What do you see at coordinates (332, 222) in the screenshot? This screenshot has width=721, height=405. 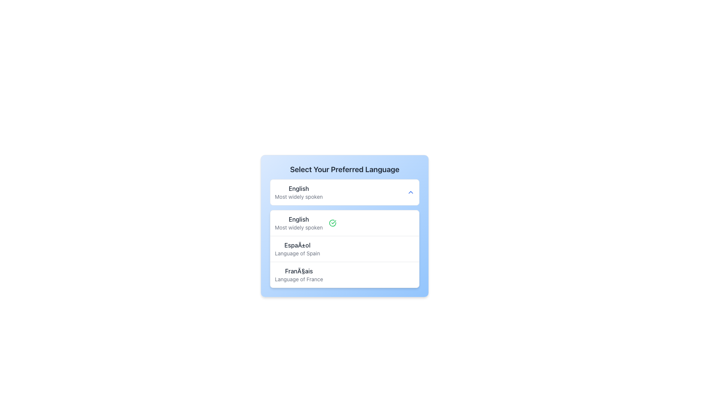 I see `the circular SVG icon containing a green checkmark, located to the right of the 'English' text in the language selection list` at bounding box center [332, 222].